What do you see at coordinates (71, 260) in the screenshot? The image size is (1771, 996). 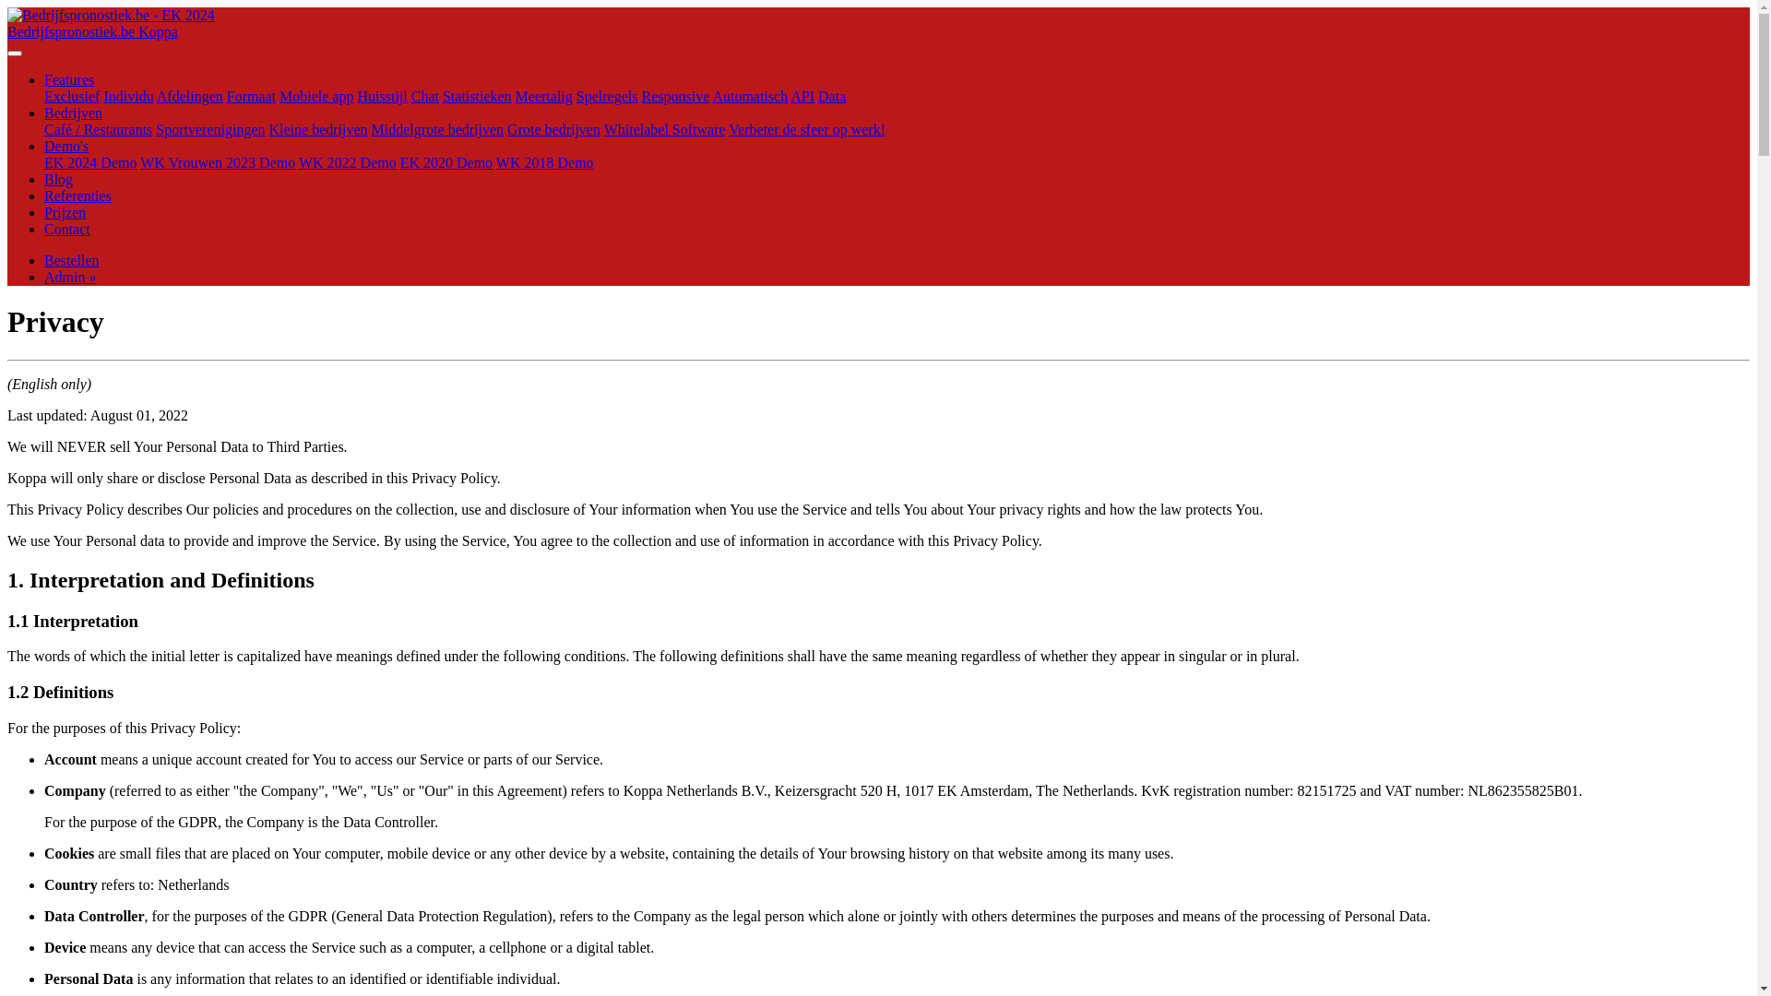 I see `'Bestellen'` at bounding box center [71, 260].